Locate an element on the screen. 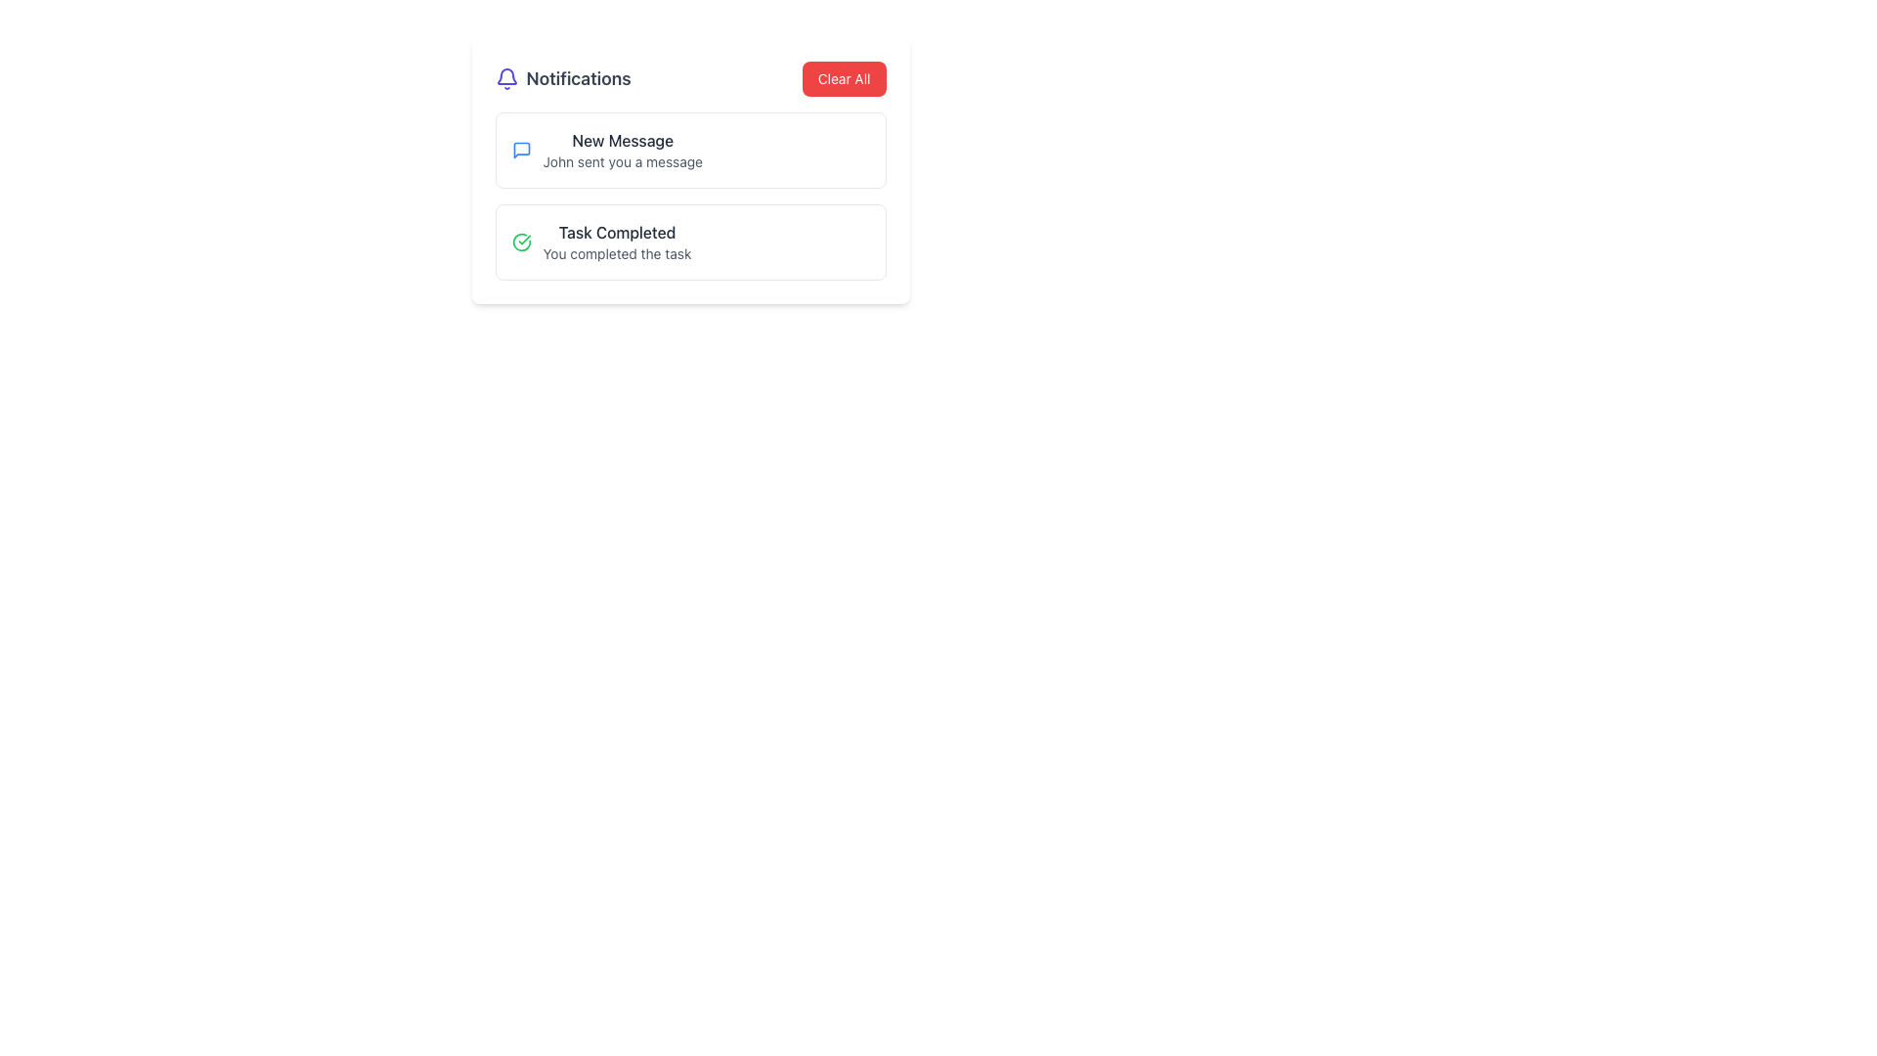  the static text element 'New Message' which is styled in gray and located at the top of the first notification item in the notifications card is located at coordinates (622, 139).